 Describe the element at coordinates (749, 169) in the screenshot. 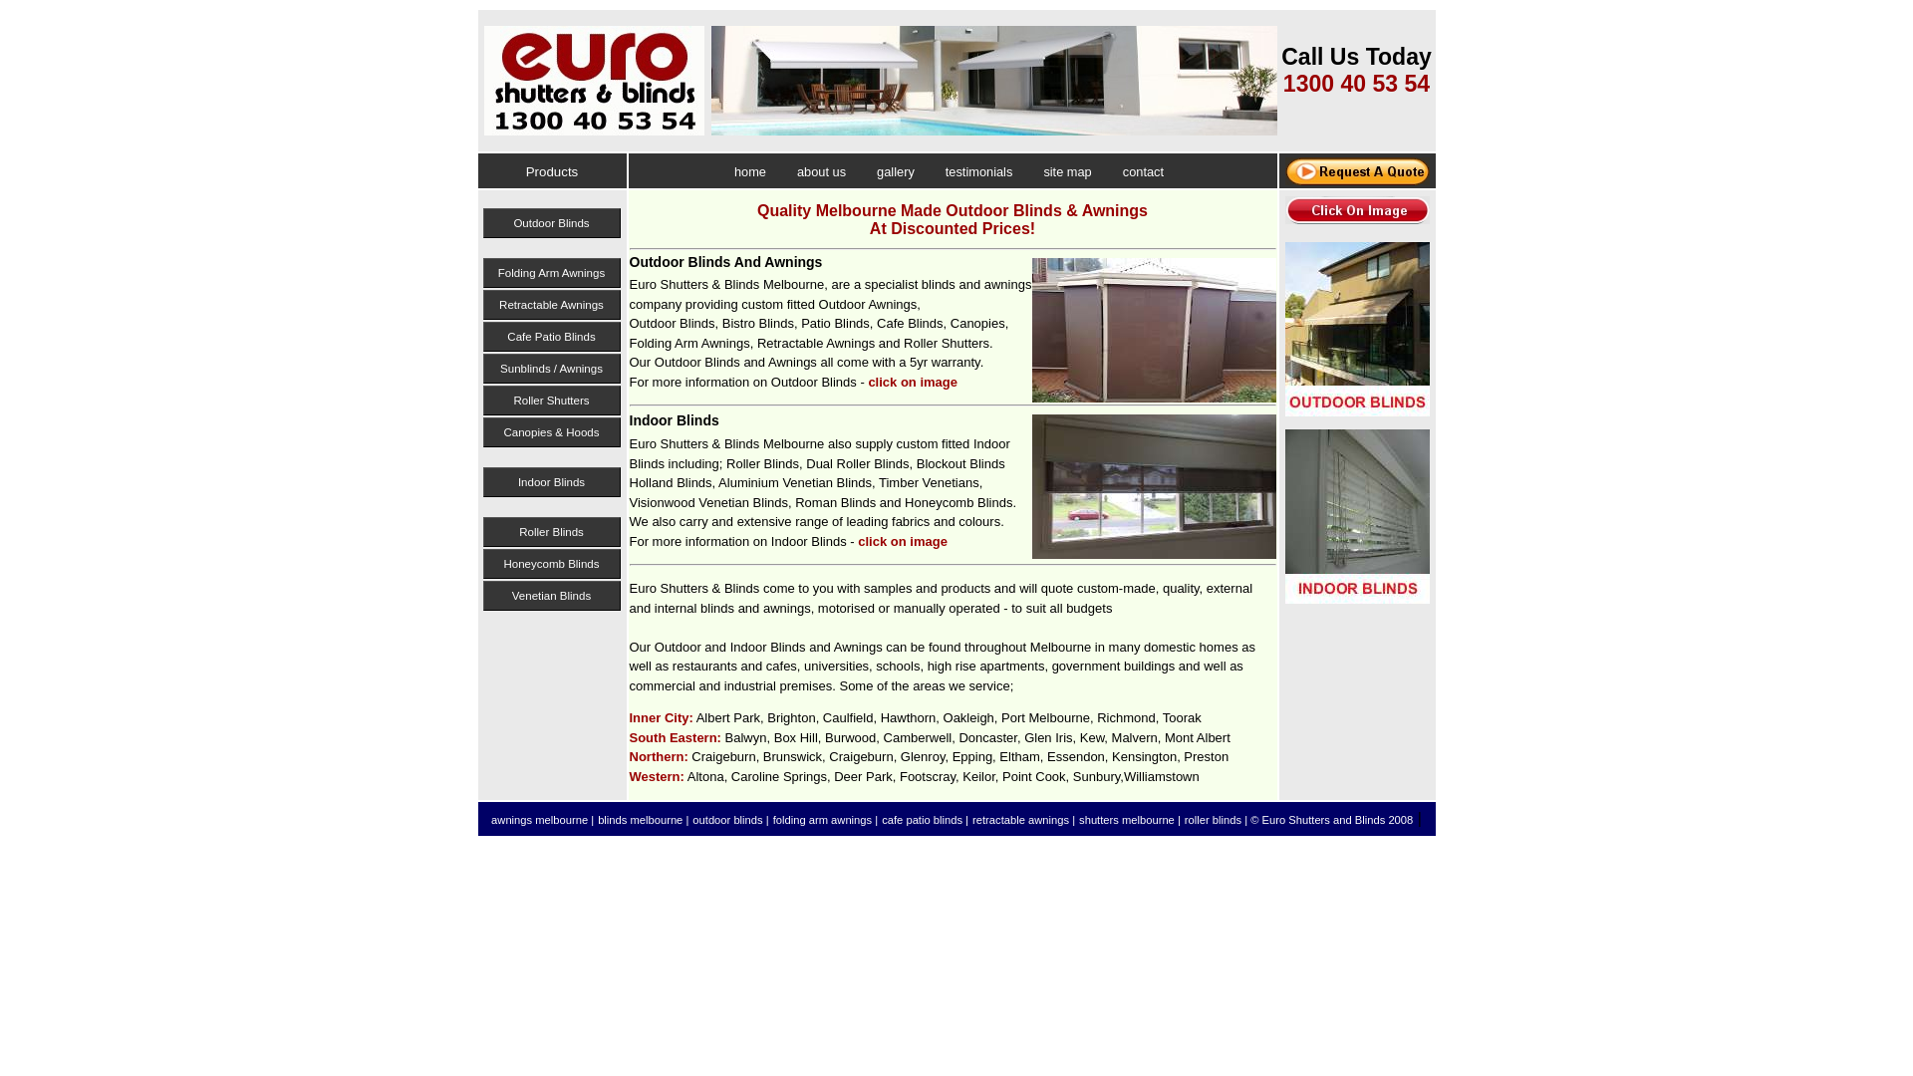

I see `'home'` at that location.